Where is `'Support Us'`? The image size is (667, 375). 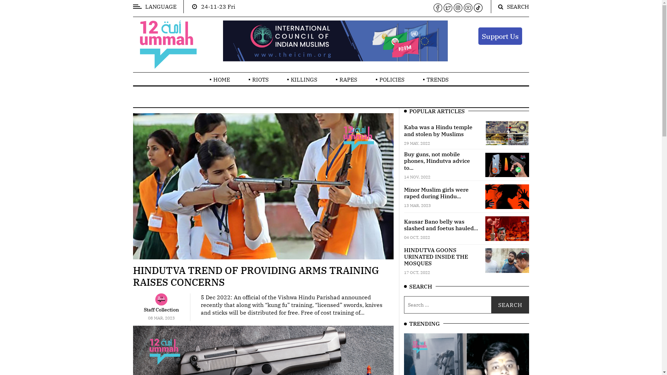
'Support Us' is located at coordinates (500, 36).